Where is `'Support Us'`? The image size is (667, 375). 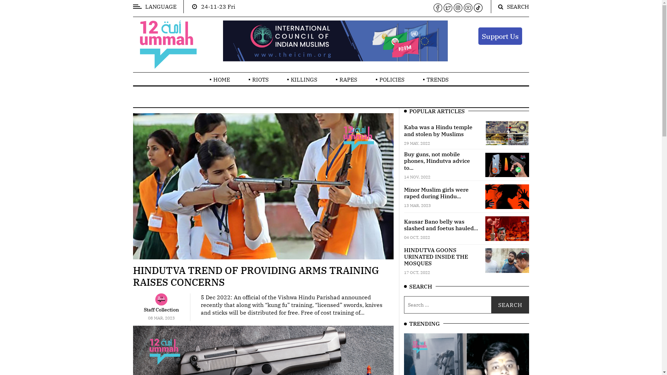
'Support Us' is located at coordinates (500, 36).